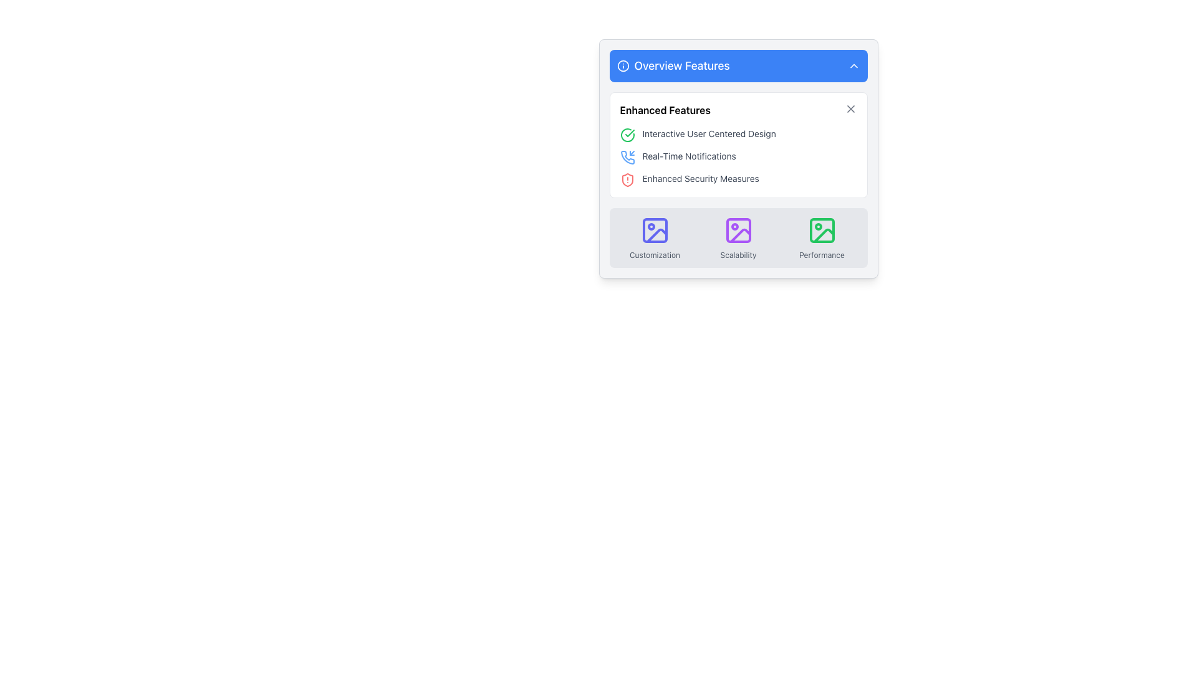 This screenshot has height=673, width=1197. What do you see at coordinates (822, 254) in the screenshot?
I see `the static text label that serves as a description for the 'Performance' icon, located in the bottom-right corner of the feature description panel` at bounding box center [822, 254].